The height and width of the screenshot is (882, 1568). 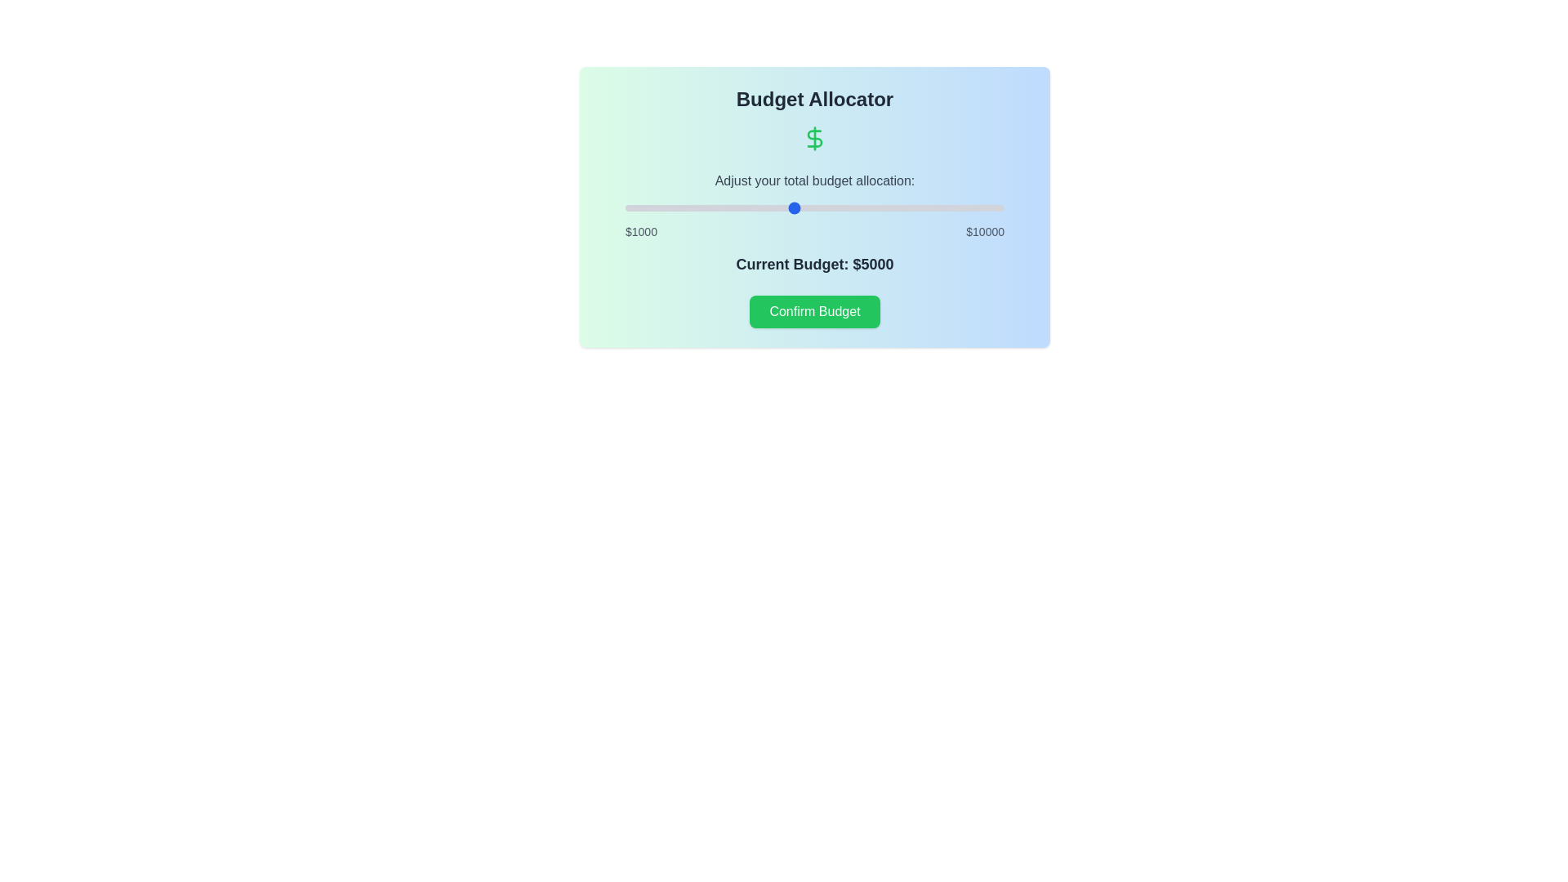 What do you see at coordinates (815, 137) in the screenshot?
I see `the dollar sign graphical representation` at bounding box center [815, 137].